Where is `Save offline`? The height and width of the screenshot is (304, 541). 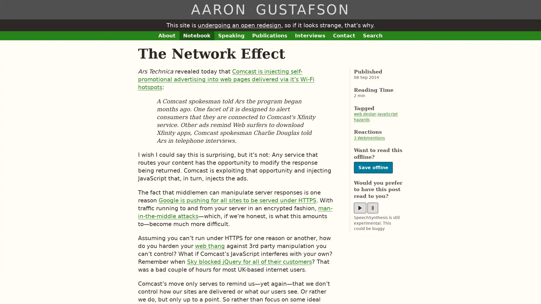 Save offline is located at coordinates (373, 167).